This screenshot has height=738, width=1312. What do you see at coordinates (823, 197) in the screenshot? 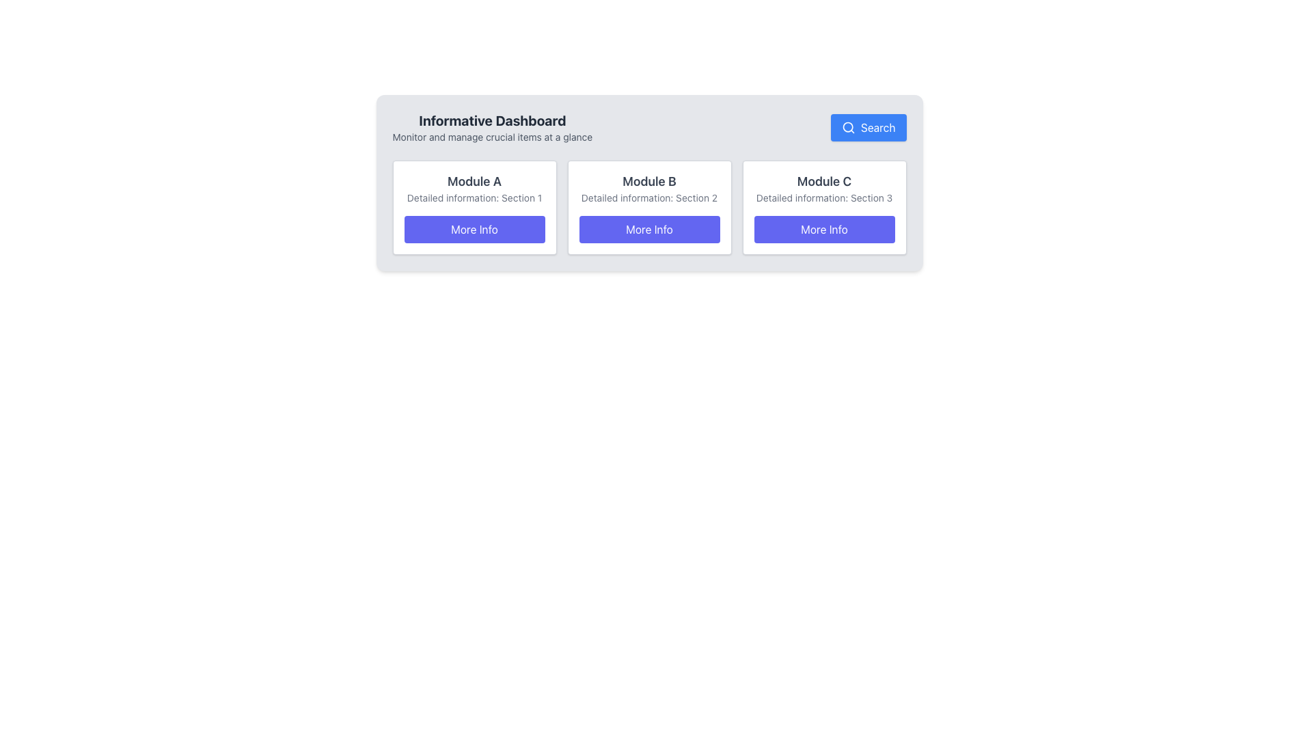
I see `the text label displaying 'Detailed information: Section 3' located in 'Module C', positioned below the module title and above the 'More Info' button` at bounding box center [823, 197].